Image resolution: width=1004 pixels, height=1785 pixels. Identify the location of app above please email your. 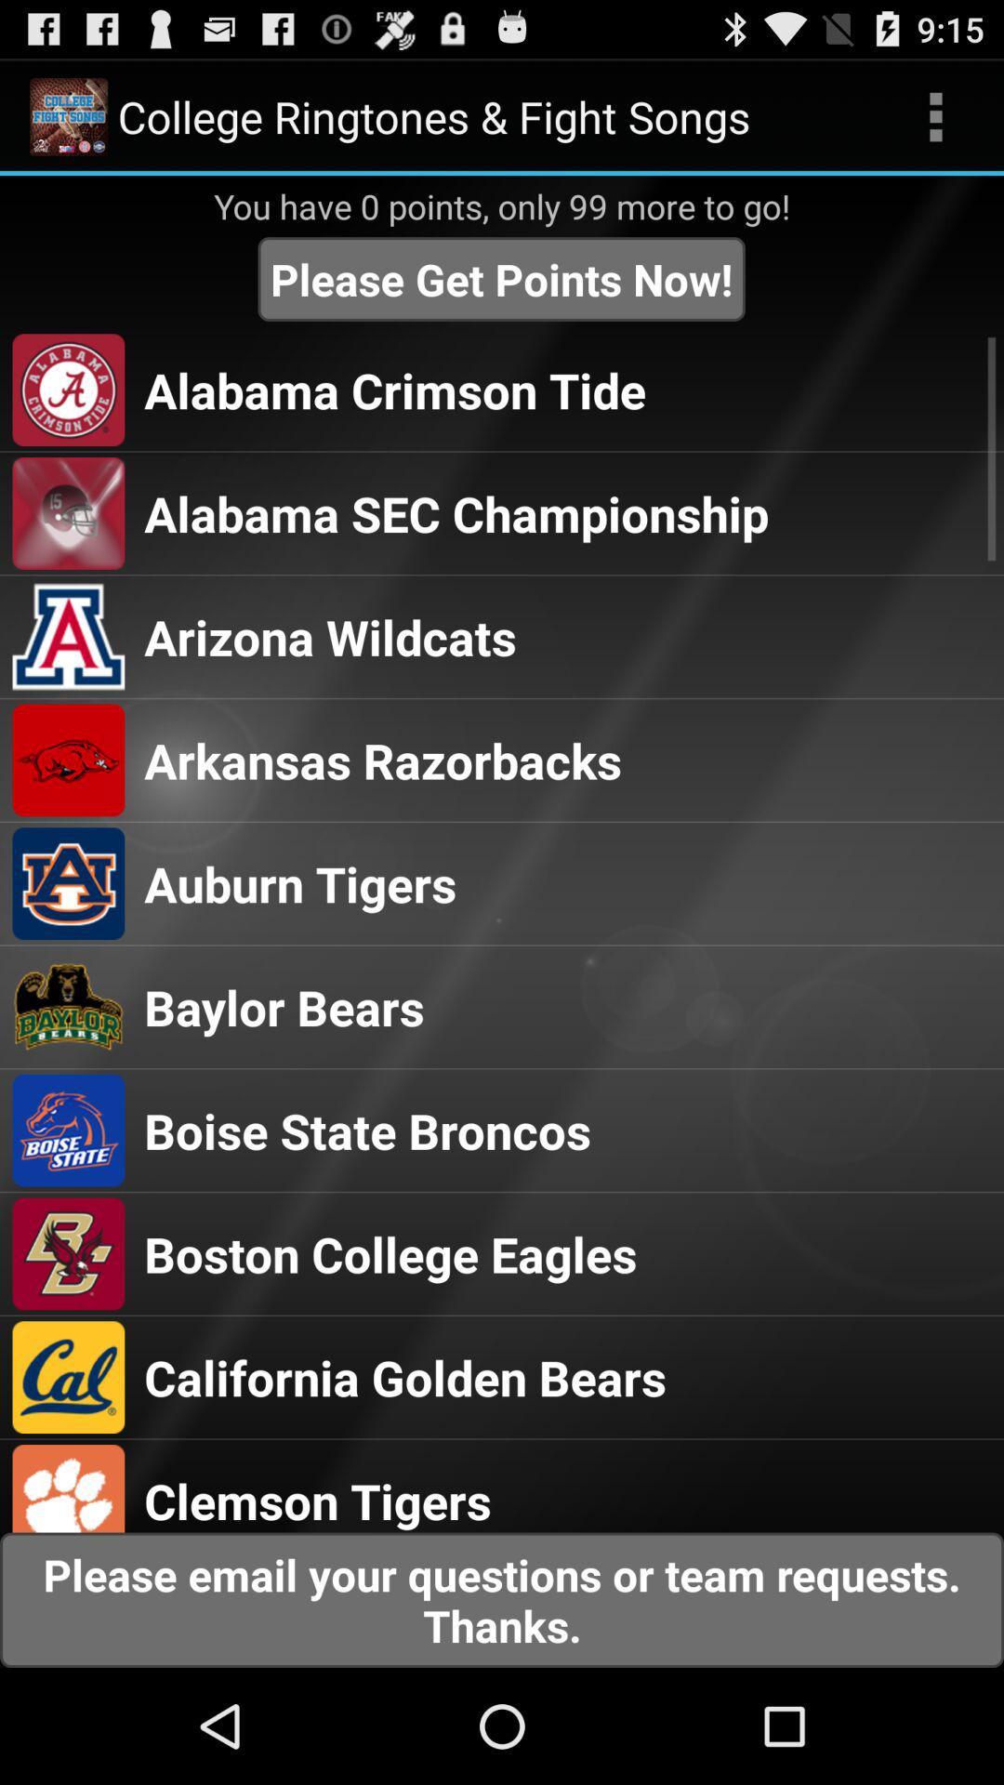
(317, 1500).